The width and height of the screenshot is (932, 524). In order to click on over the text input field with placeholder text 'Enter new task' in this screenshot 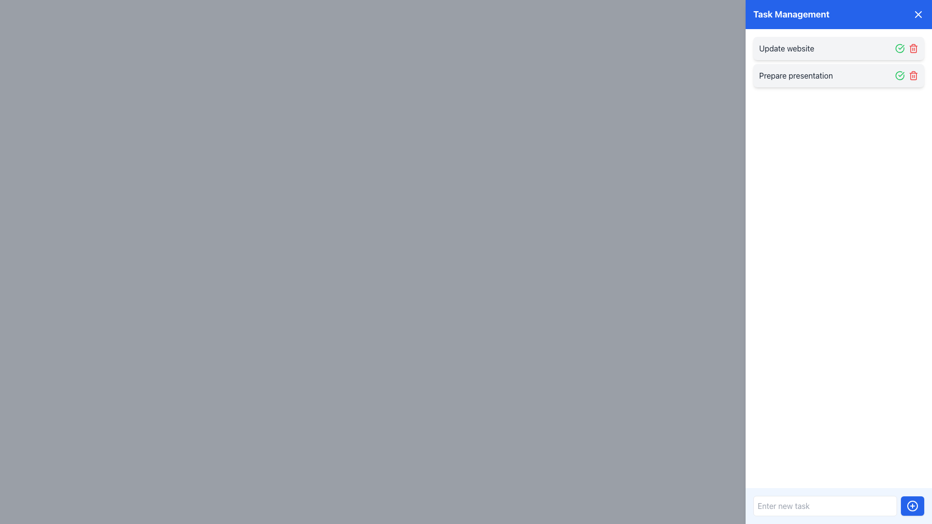, I will do `click(824, 505)`.